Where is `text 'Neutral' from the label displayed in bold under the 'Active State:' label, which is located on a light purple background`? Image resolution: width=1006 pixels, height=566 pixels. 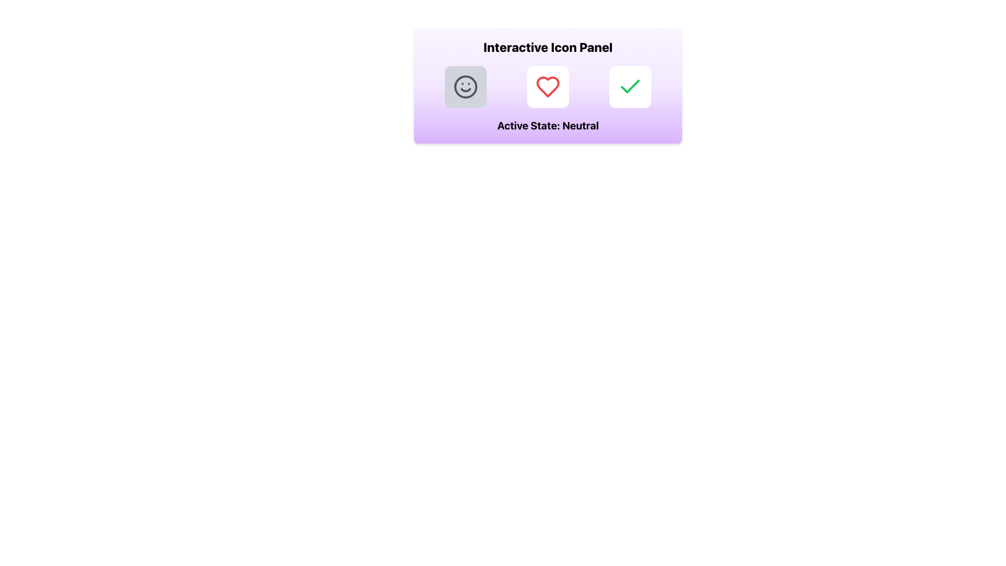 text 'Neutral' from the label displayed in bold under the 'Active State:' label, which is located on a light purple background is located at coordinates (580, 125).